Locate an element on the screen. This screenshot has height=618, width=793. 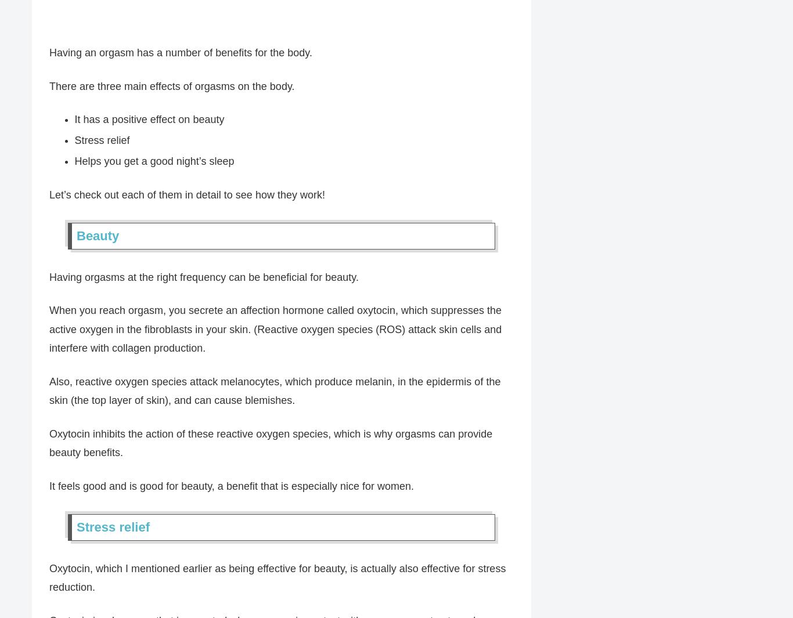
'Having orgasms at the right frequency can be beneficial for beauty.' is located at coordinates (203, 277).